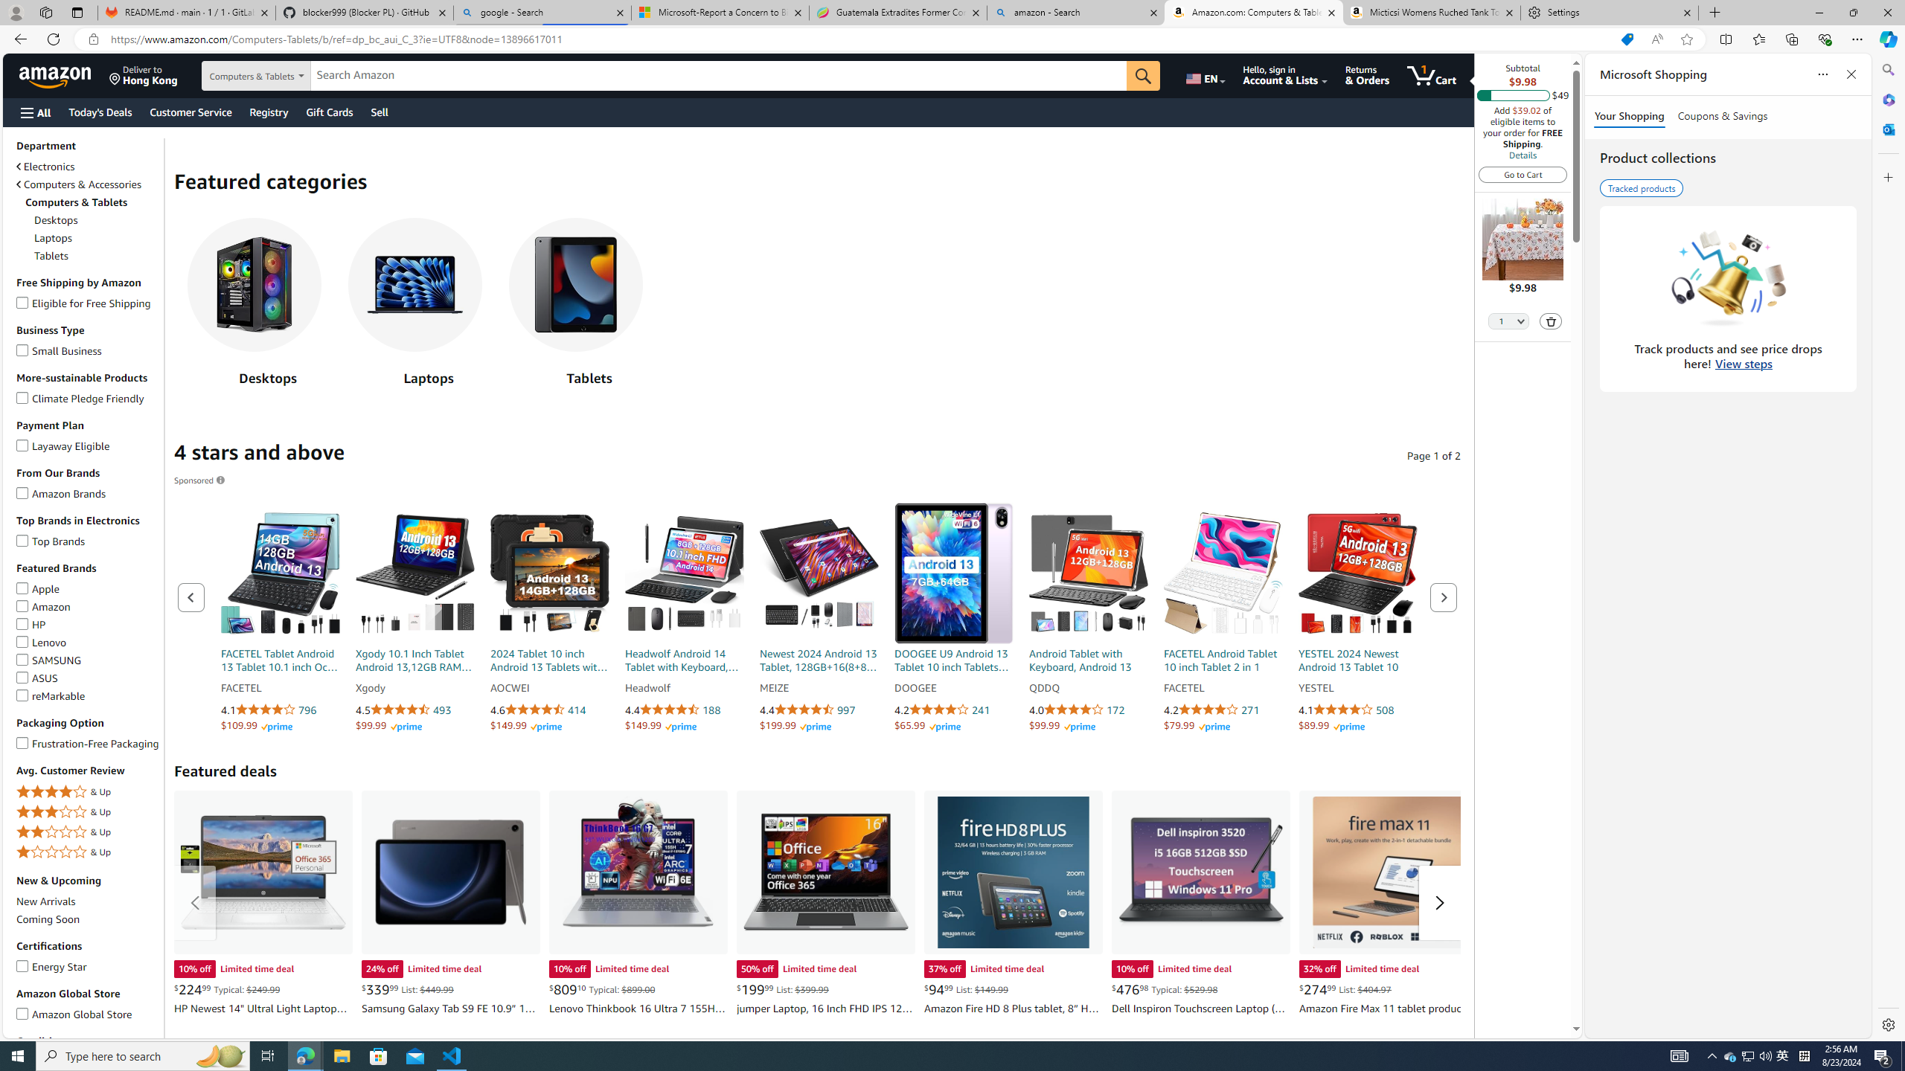  What do you see at coordinates (1444, 597) in the screenshot?
I see `'Next page of related Sponsored Products'` at bounding box center [1444, 597].